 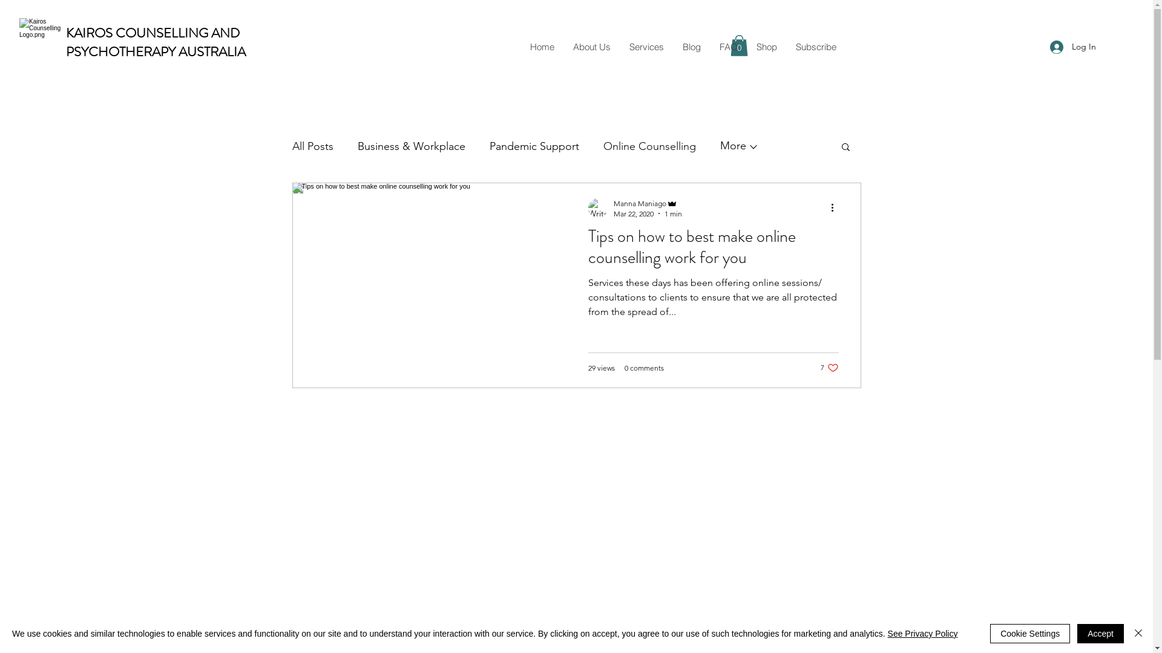 What do you see at coordinates (727, 46) in the screenshot?
I see `'FAQ'` at bounding box center [727, 46].